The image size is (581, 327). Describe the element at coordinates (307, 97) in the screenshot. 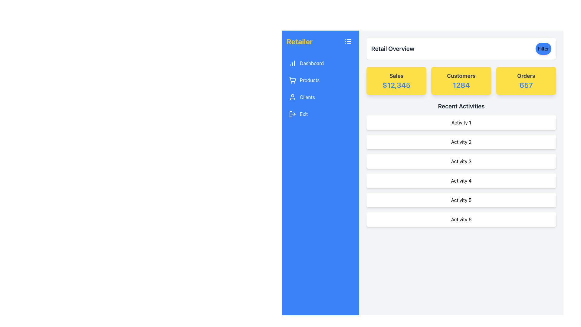

I see `the 'Clients' text label in the navigation menu` at that location.